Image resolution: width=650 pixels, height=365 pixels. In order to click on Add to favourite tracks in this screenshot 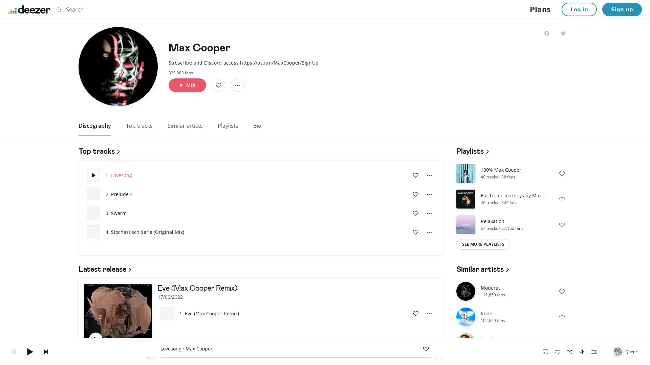, I will do `click(425, 349)`.